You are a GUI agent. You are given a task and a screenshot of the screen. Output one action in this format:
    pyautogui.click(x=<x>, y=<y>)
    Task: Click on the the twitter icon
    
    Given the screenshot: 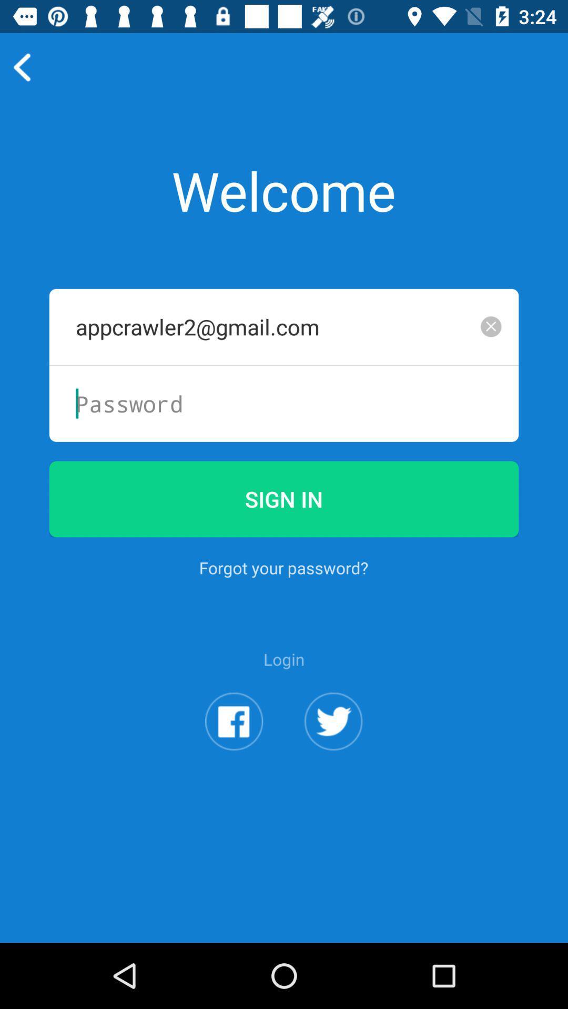 What is the action you would take?
    pyautogui.click(x=333, y=772)
    